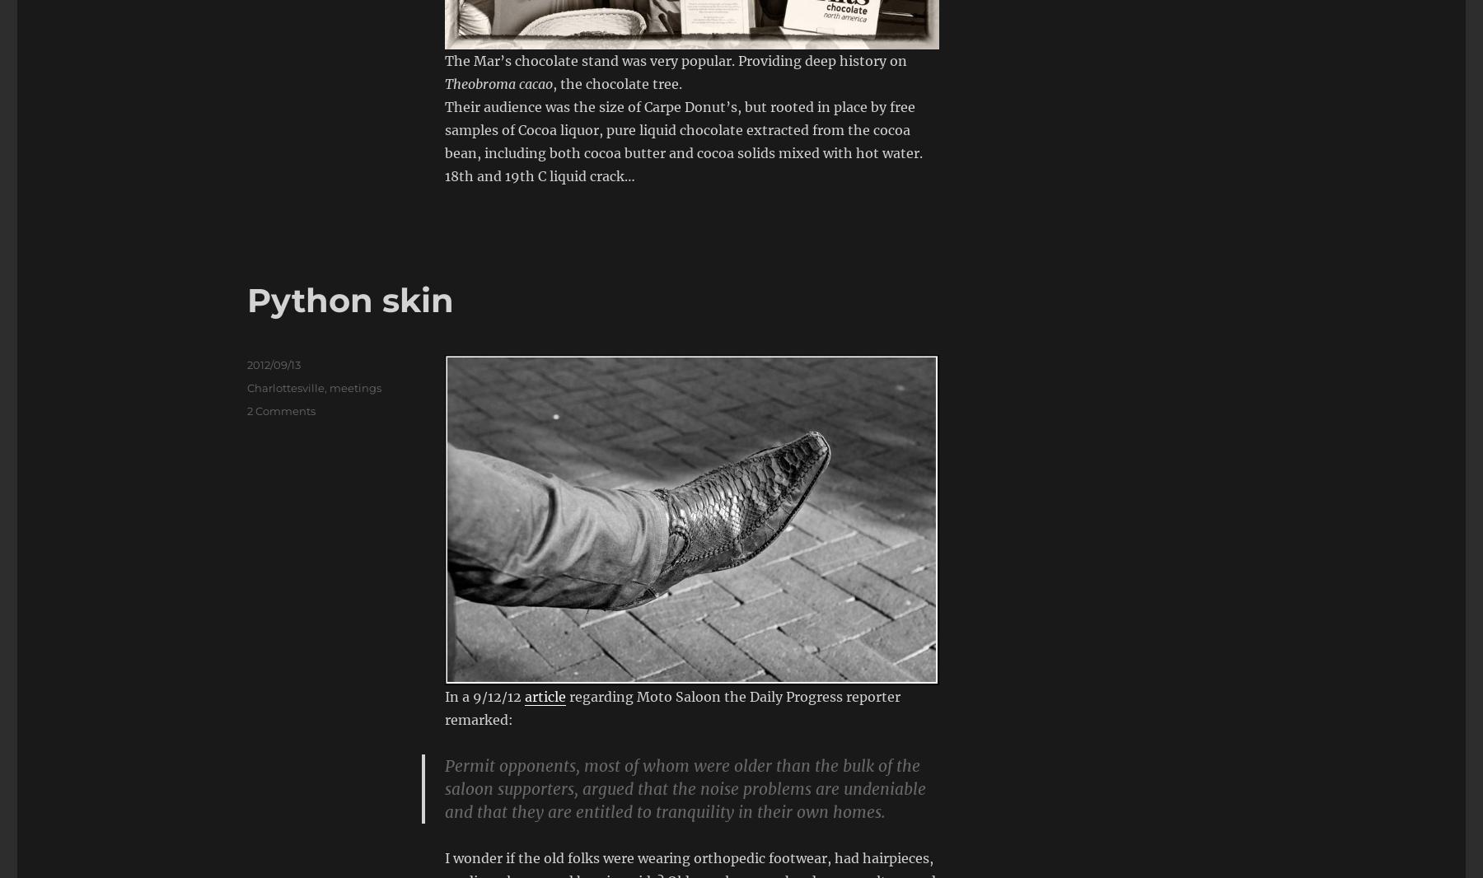  I want to click on 'Their audience was the size of Carpe Donut’s, but rooted in place by free samples of Cocoa liquor, pure liquid chocolate extracted from the cocoa bean, including both cocoa butter and cocoa solids mixed with hot water. 18th and 19th C liquid crack…', so click(683, 139).